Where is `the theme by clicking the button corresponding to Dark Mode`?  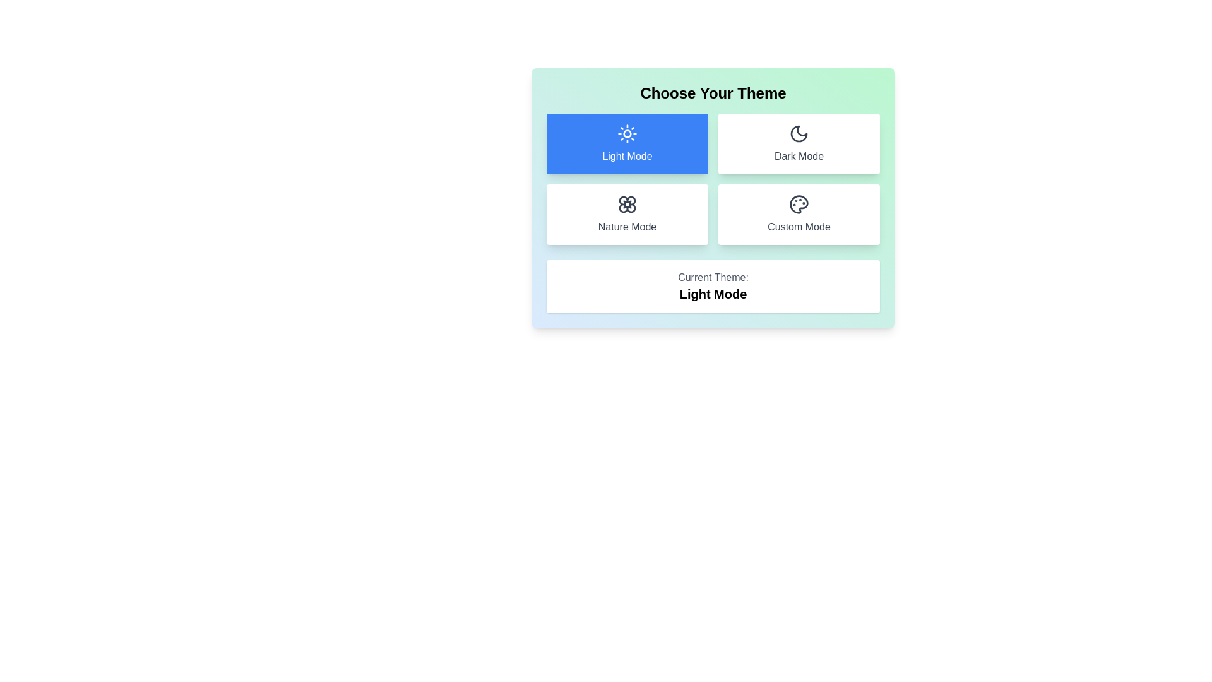 the theme by clicking the button corresponding to Dark Mode is located at coordinates (799, 143).